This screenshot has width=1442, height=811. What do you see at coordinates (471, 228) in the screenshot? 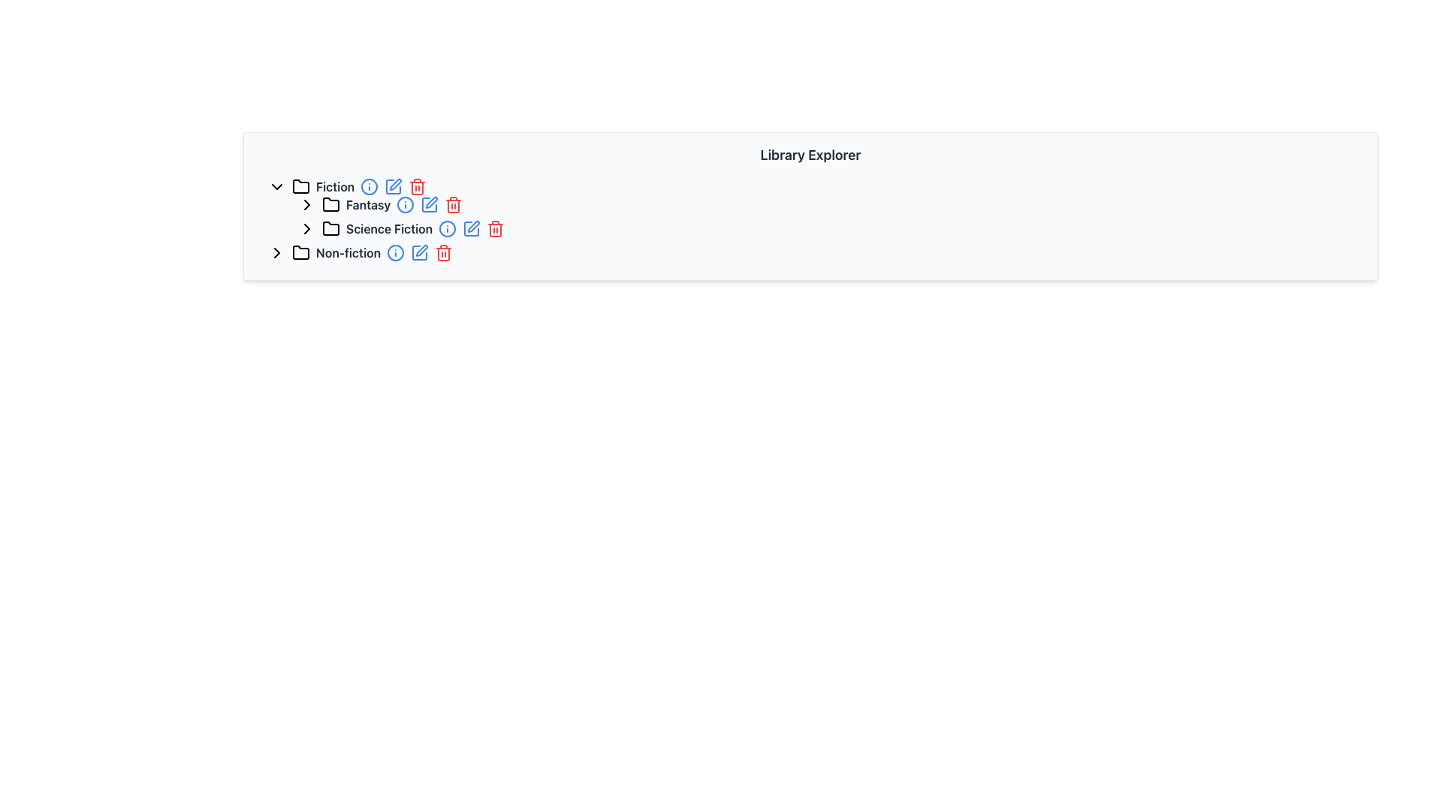
I see `the edit button for the 'Science Fiction' category` at bounding box center [471, 228].